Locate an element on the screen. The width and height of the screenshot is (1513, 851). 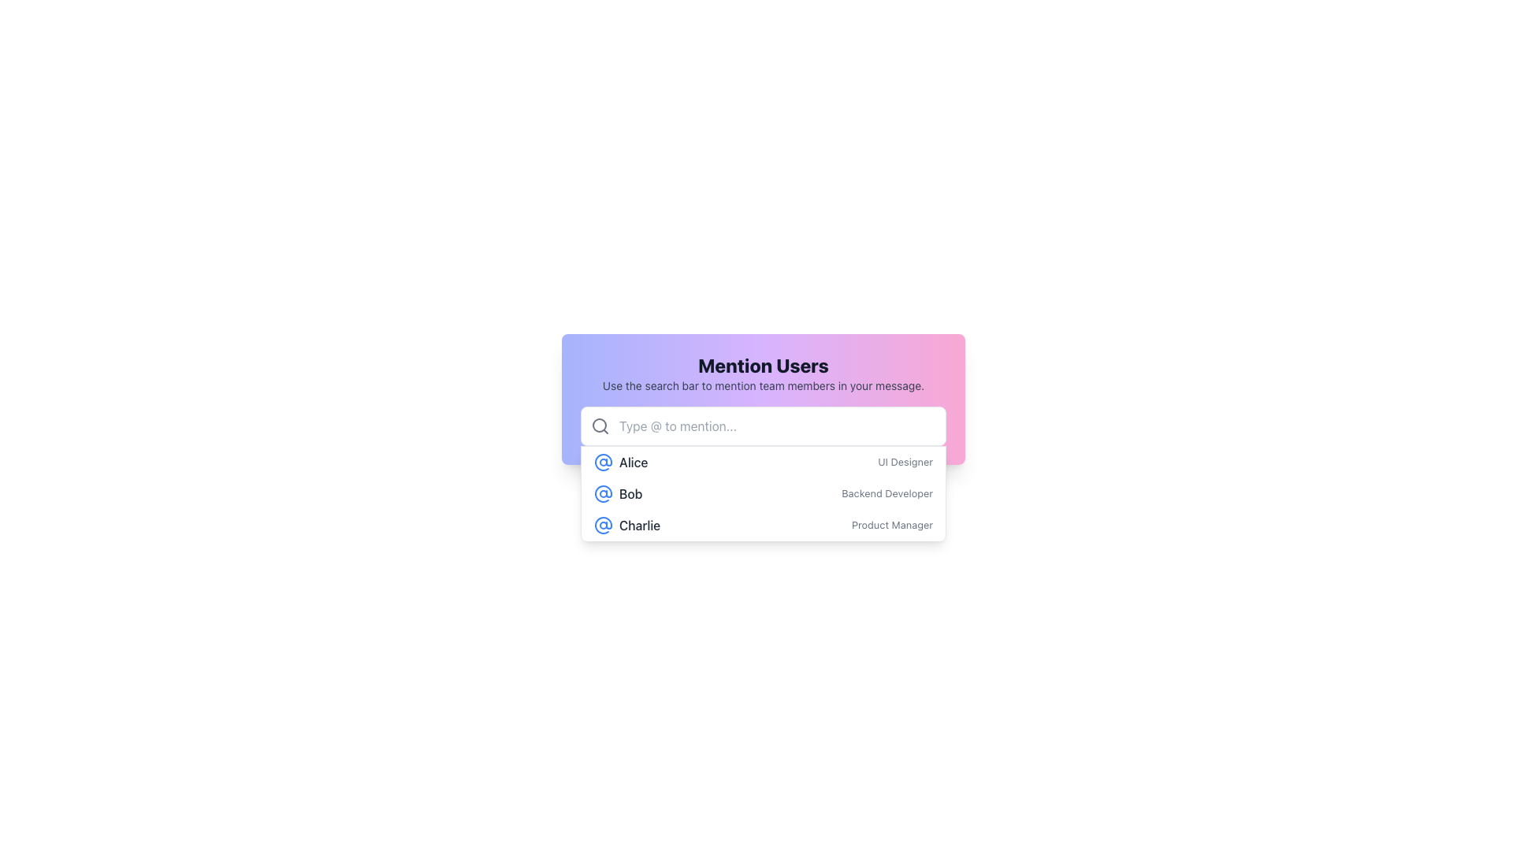
the Instructional Text element that states 'Use the search bar to mention team members in your message.', located below the 'Mention Users' header is located at coordinates (764, 385).